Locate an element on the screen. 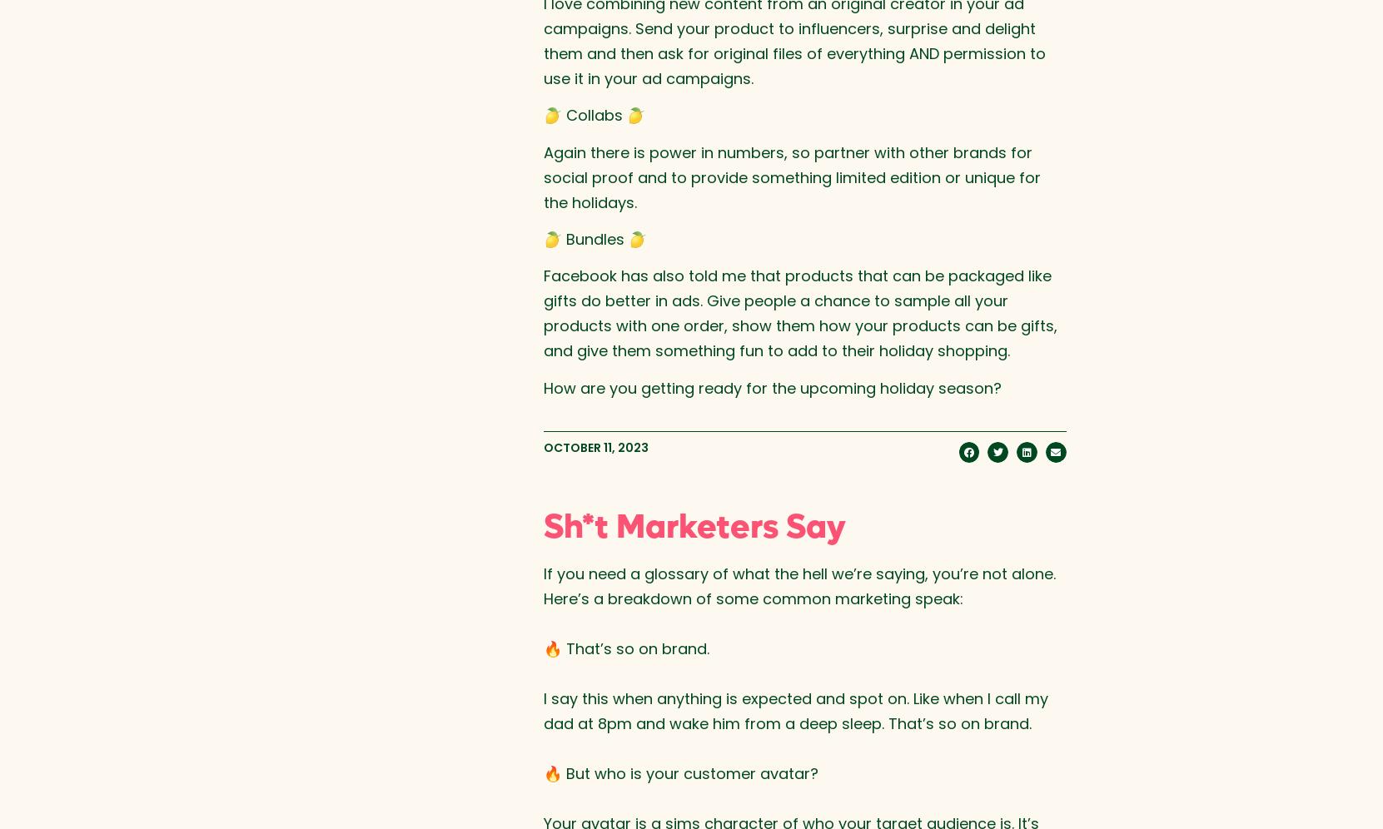 The image size is (1383, 829). 'October 11, 2023' is located at coordinates (542, 448).